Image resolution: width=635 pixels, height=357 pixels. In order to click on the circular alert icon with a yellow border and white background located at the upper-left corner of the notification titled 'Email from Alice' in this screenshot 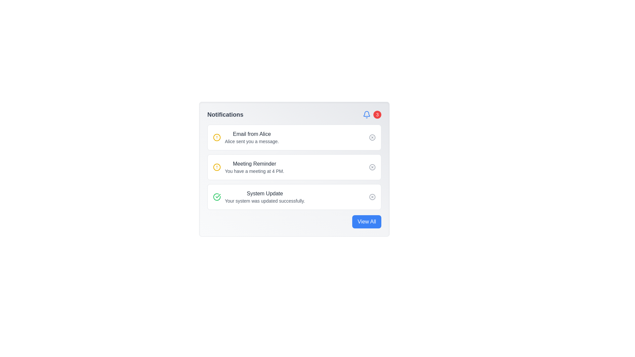, I will do `click(217, 137)`.